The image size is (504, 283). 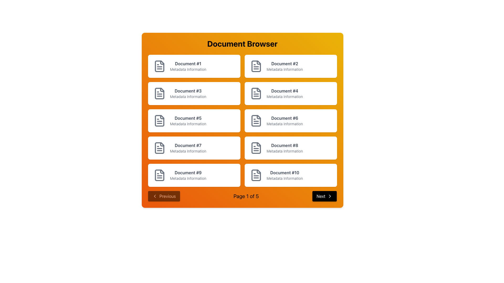 I want to click on the text label displaying 'Document #6' in the second column, third row of the grid layout in the document browser interface, so click(x=284, y=118).